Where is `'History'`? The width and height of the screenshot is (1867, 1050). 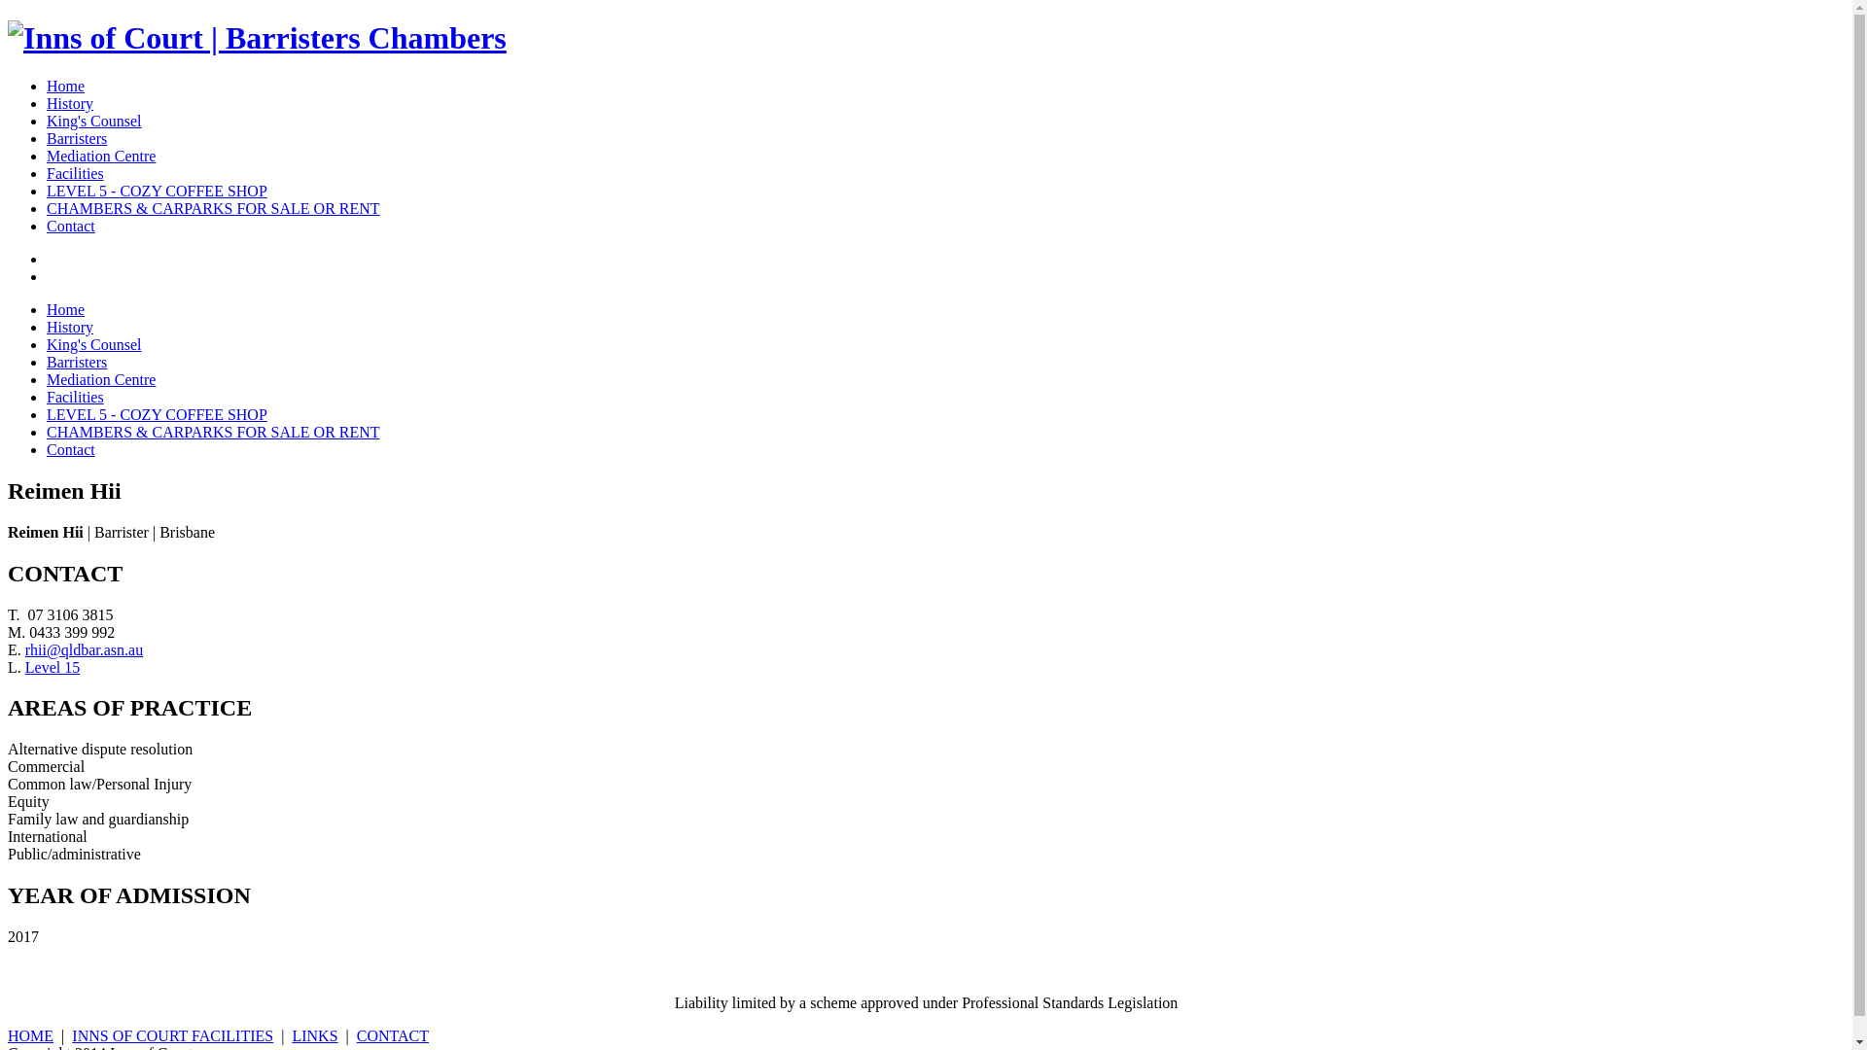
'History' is located at coordinates (47, 103).